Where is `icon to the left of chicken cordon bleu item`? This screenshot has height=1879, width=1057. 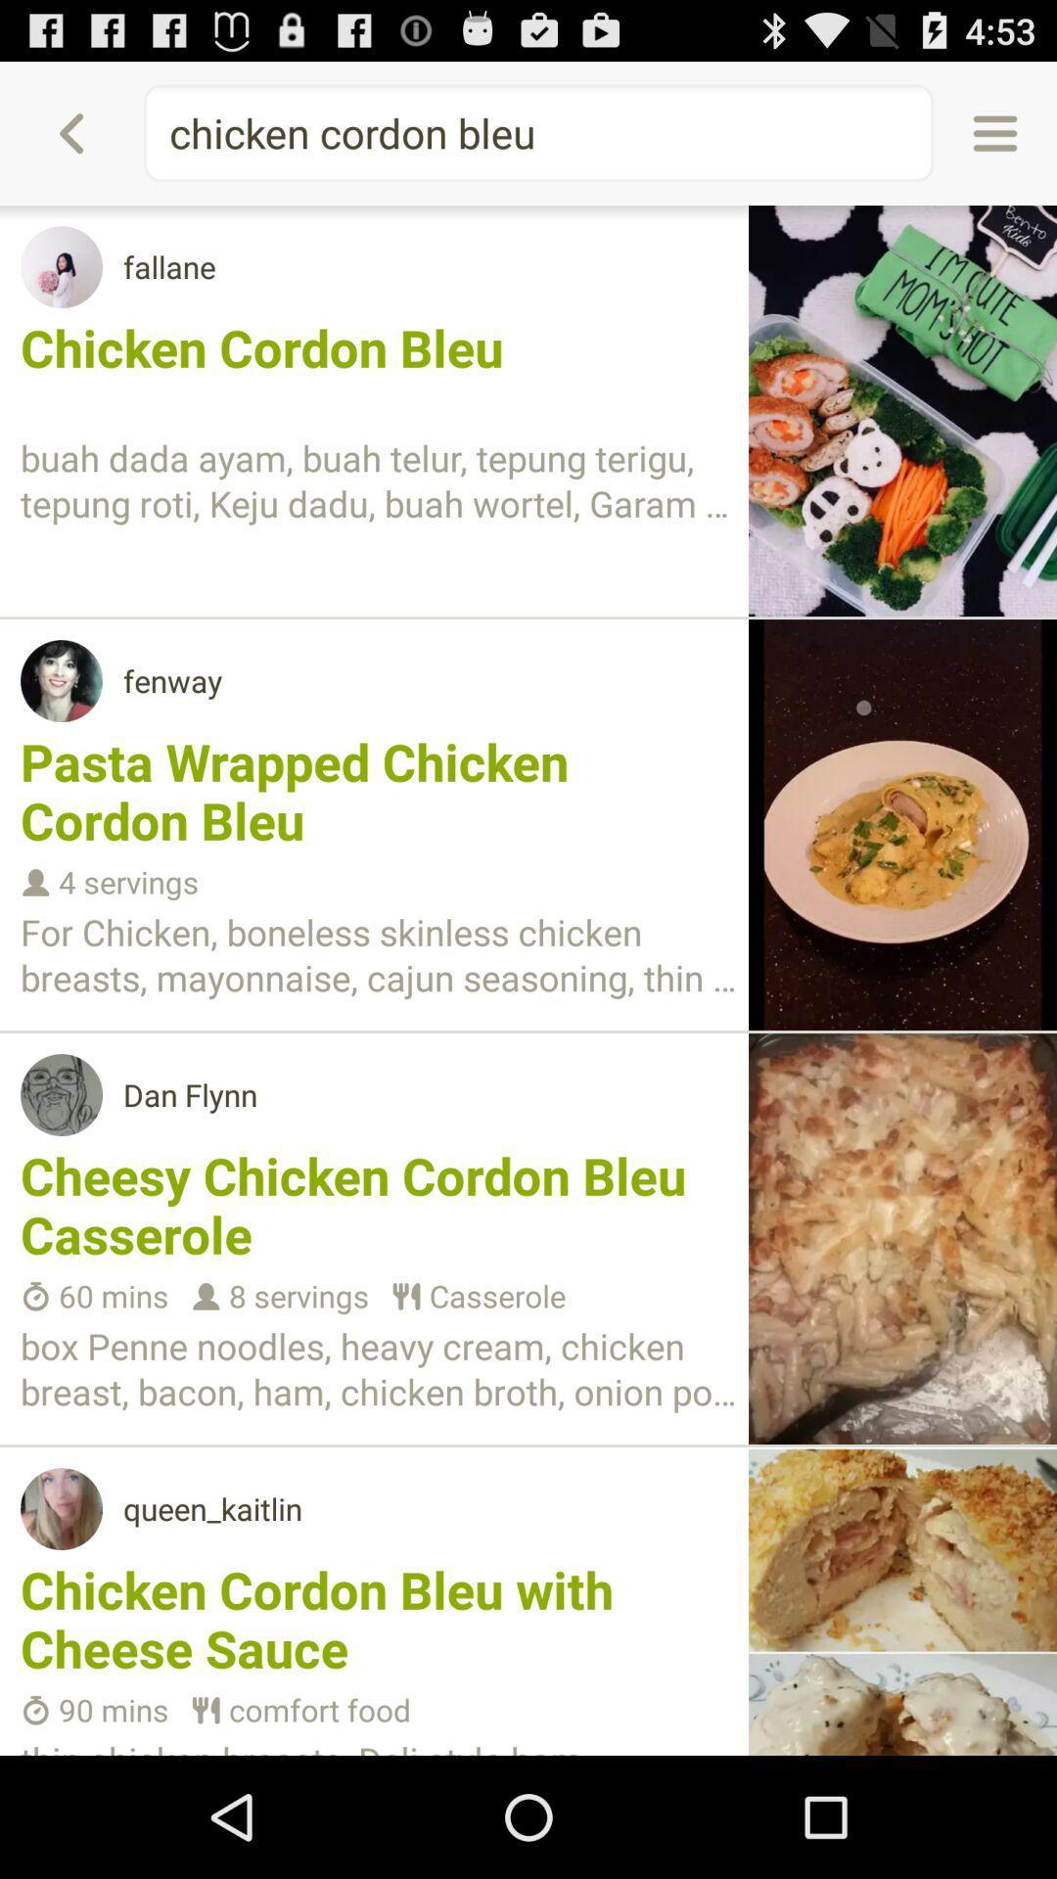
icon to the left of chicken cordon bleu item is located at coordinates (70, 132).